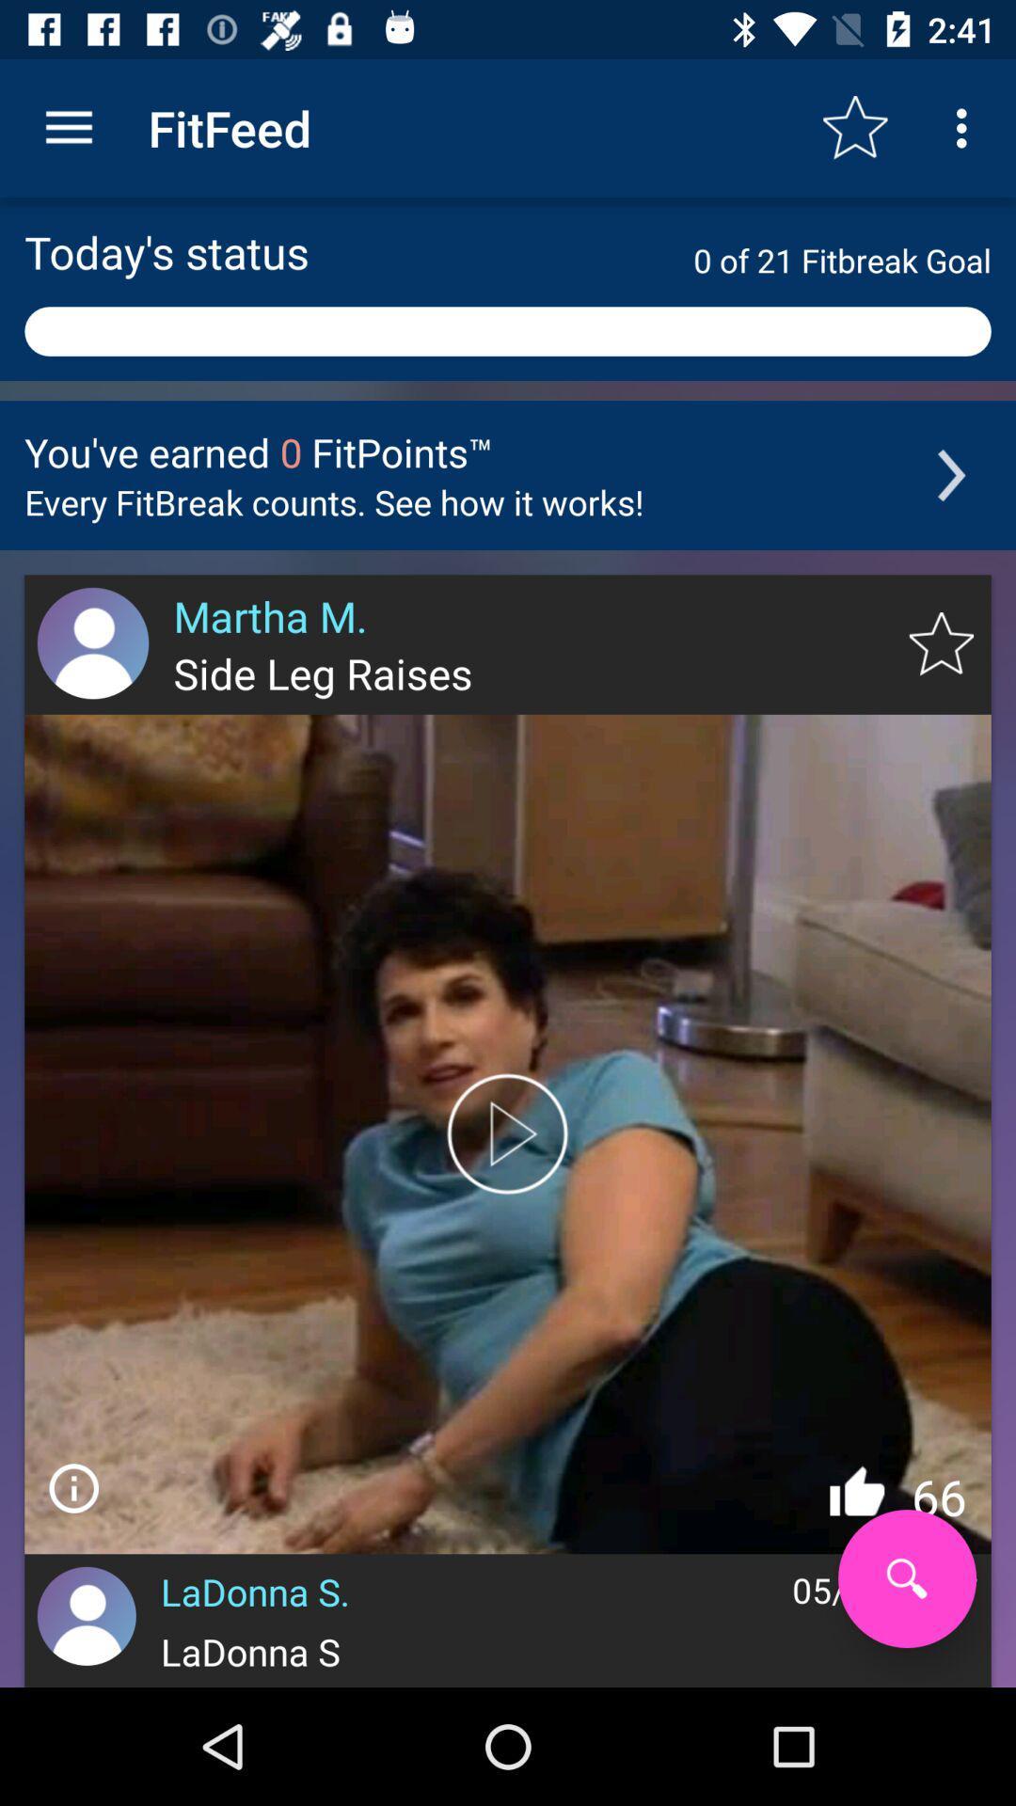 The height and width of the screenshot is (1806, 1016). I want to click on to favorites, so click(941, 644).